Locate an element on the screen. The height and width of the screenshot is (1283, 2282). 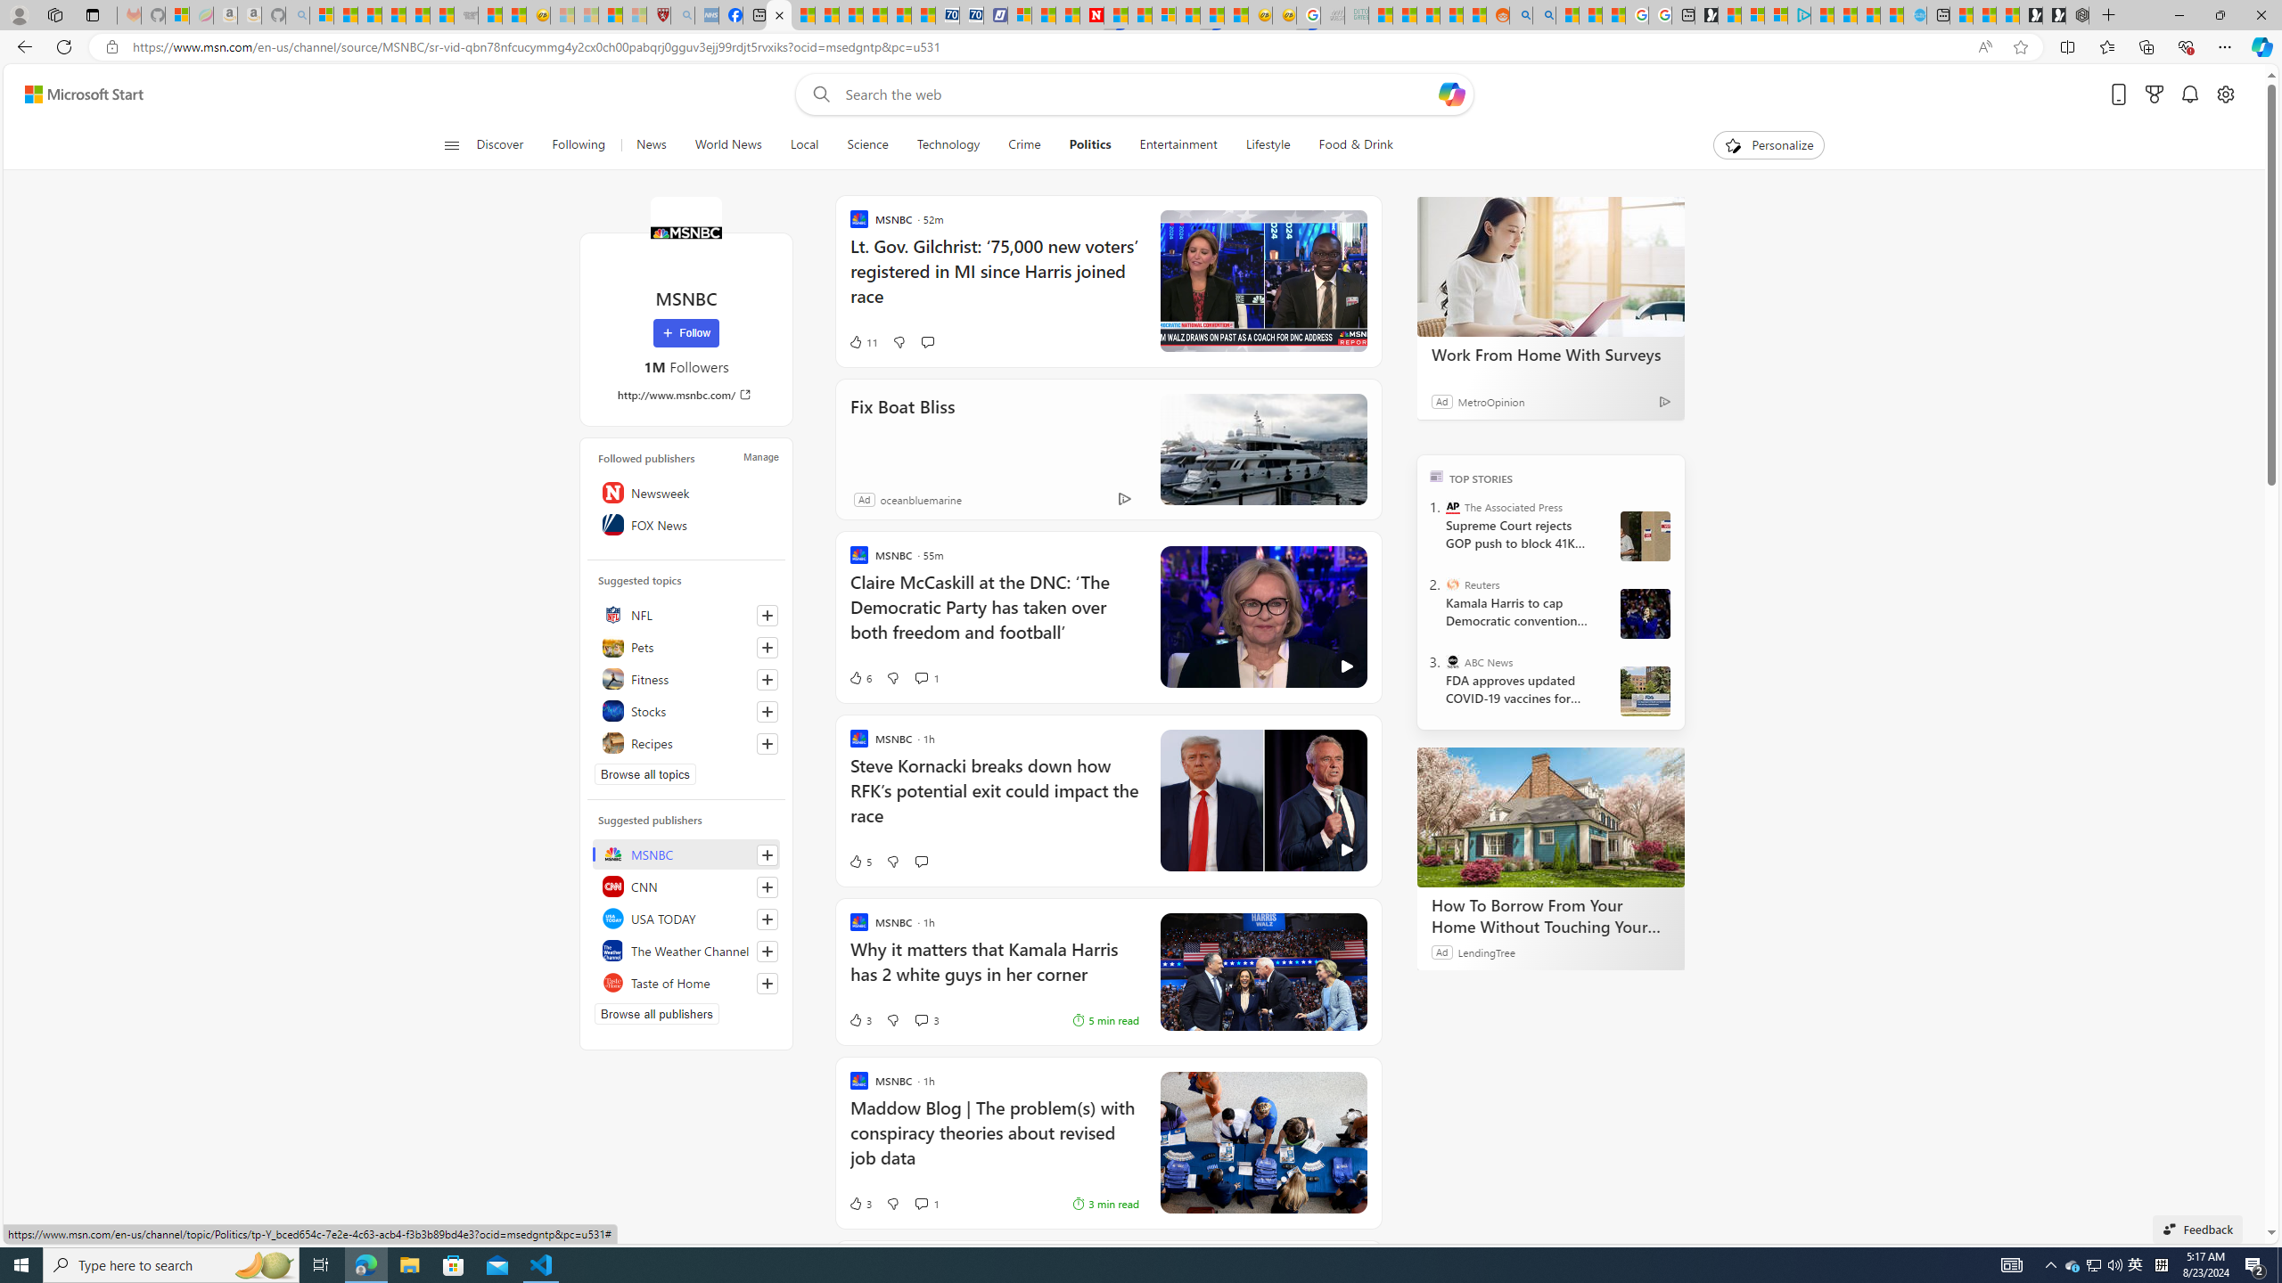
'Stocks - MSN' is located at coordinates (440, 14).